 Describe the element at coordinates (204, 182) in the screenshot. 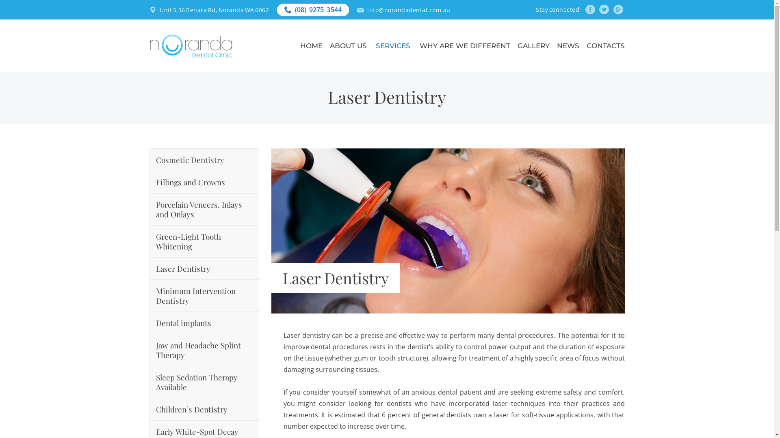

I see `'Fillings and Crowns'` at that location.